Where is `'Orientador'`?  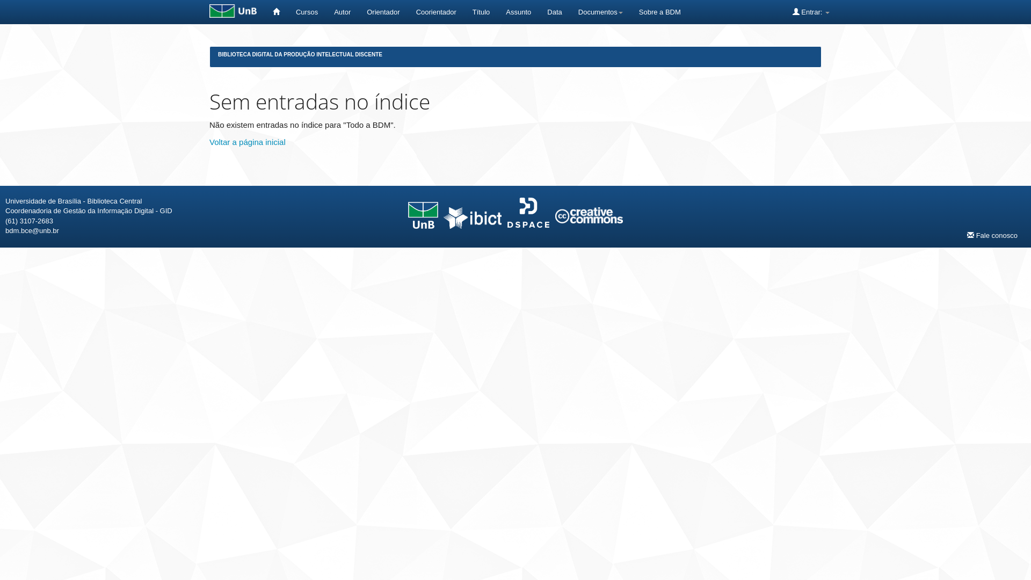
'Orientador' is located at coordinates (383, 12).